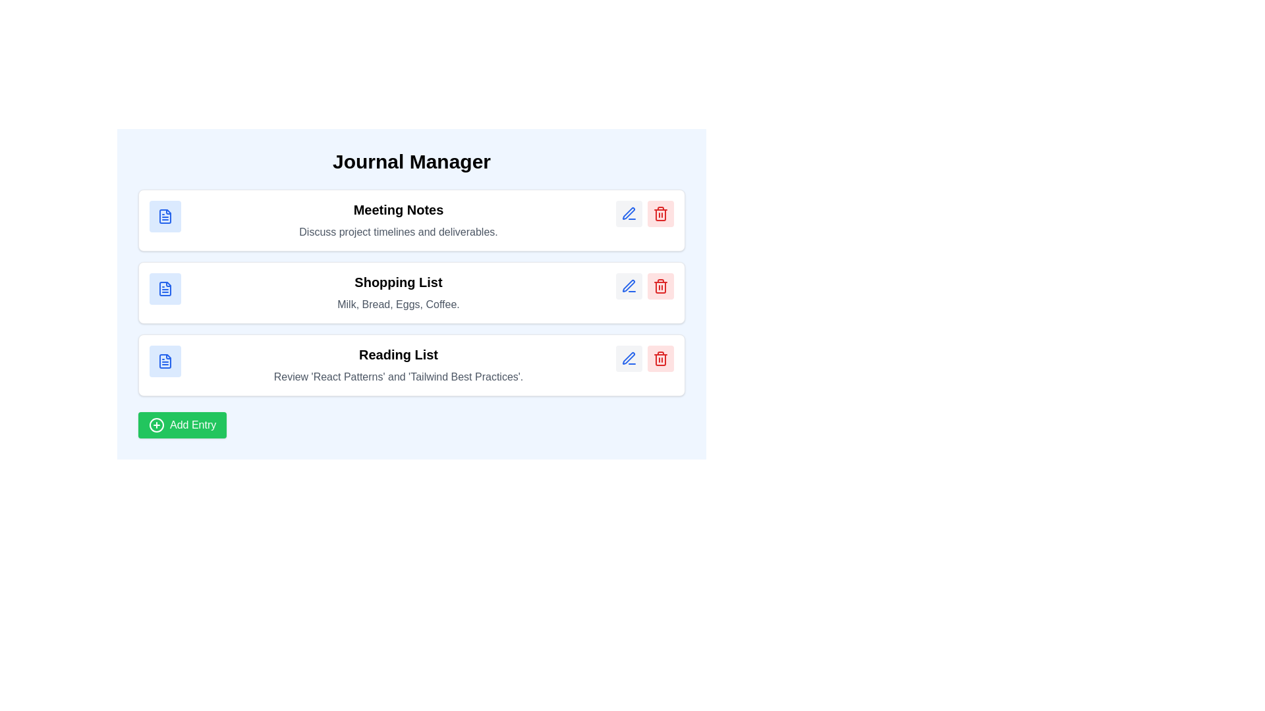 The height and width of the screenshot is (711, 1265). I want to click on the icon located within the bottom-left of the green 'Add Entry' button, so click(157, 425).